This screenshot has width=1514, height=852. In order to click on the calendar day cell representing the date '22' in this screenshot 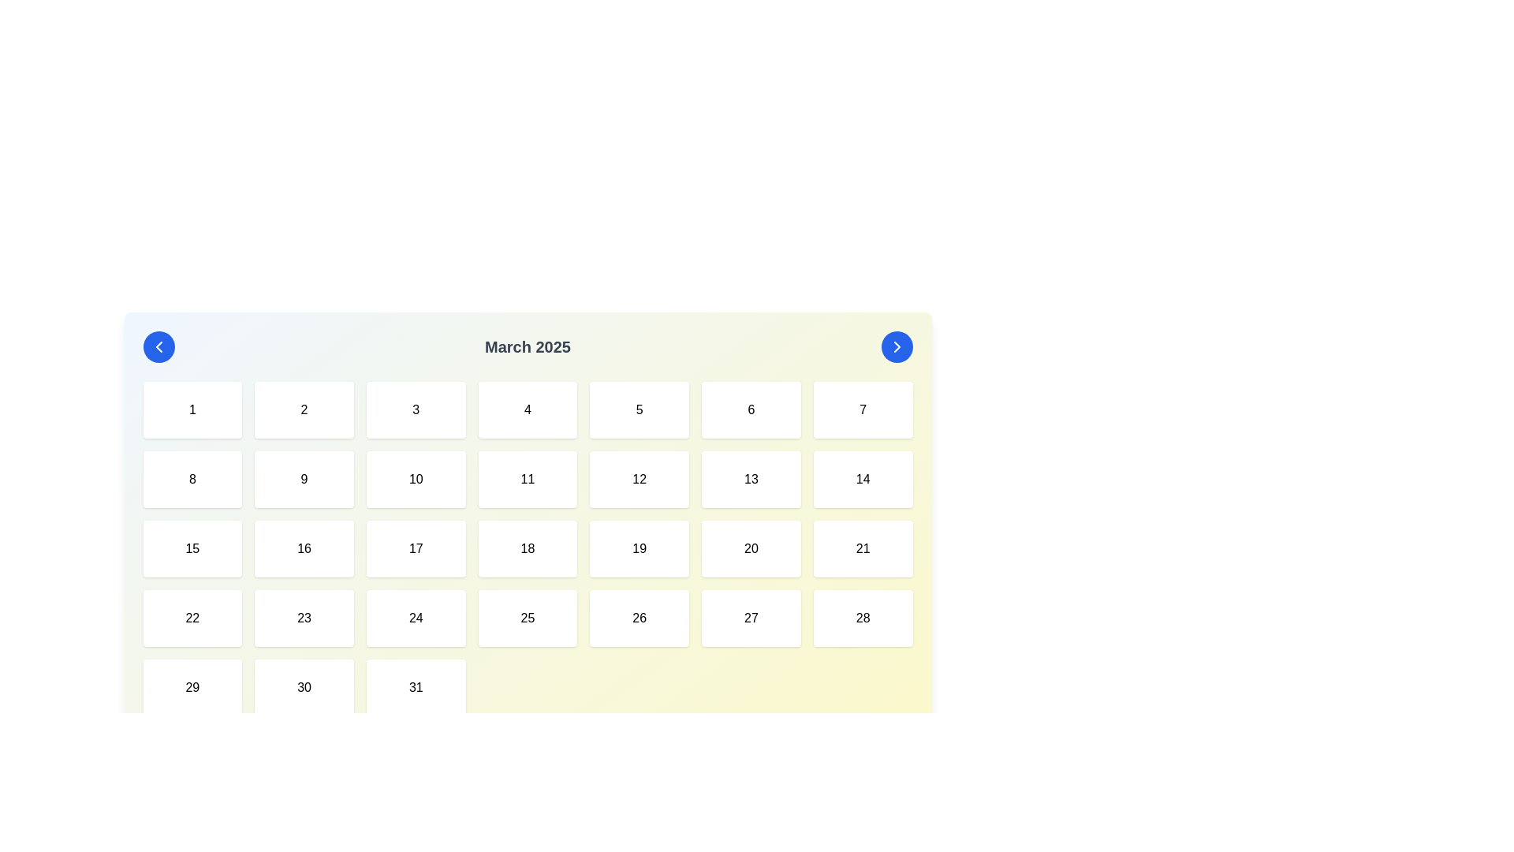, I will do `click(192, 617)`.